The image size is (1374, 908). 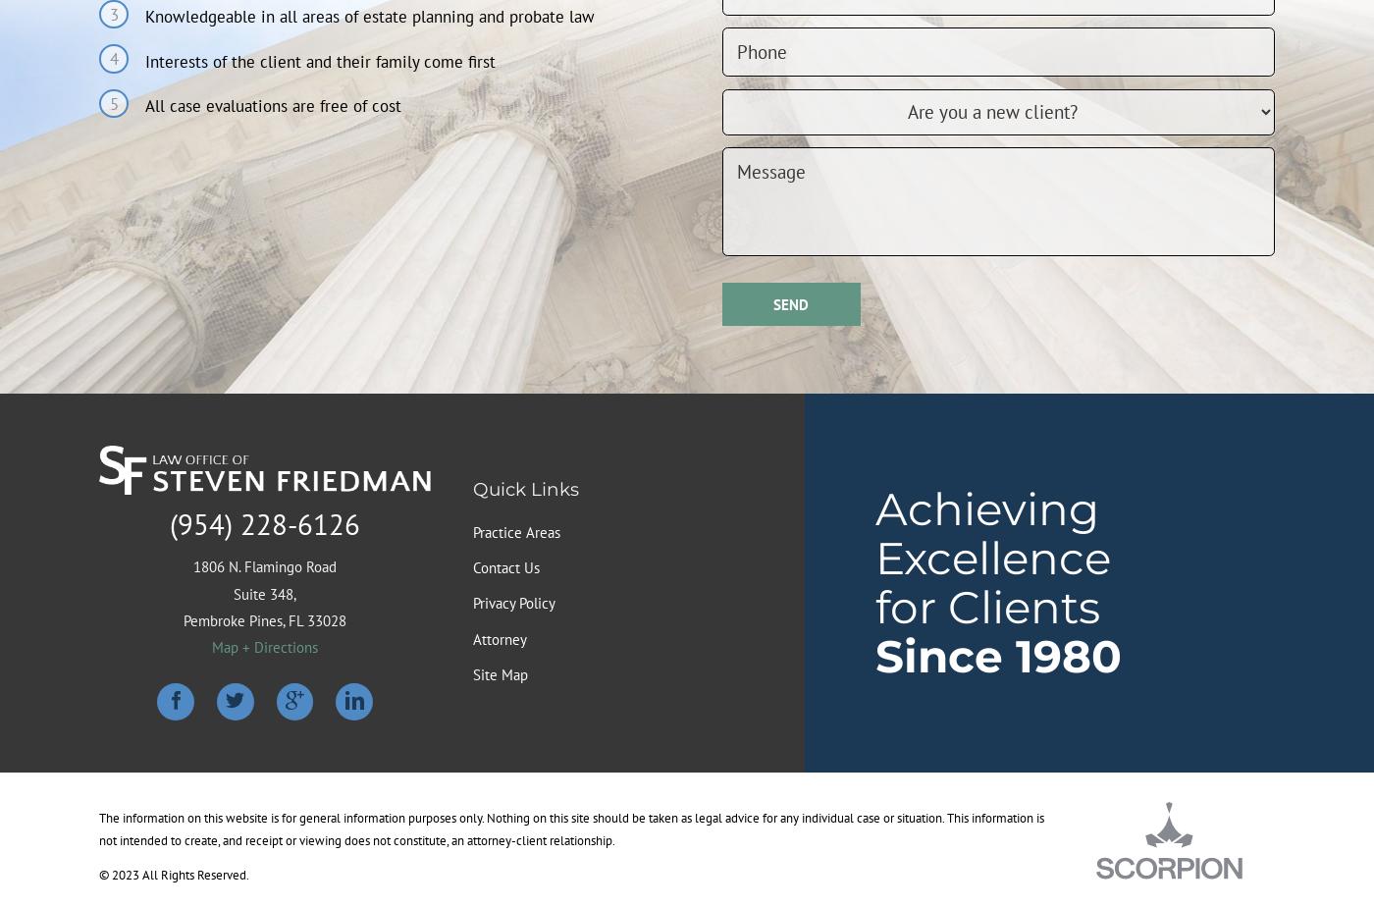 I want to click on 'Practice Areas', so click(x=516, y=531).